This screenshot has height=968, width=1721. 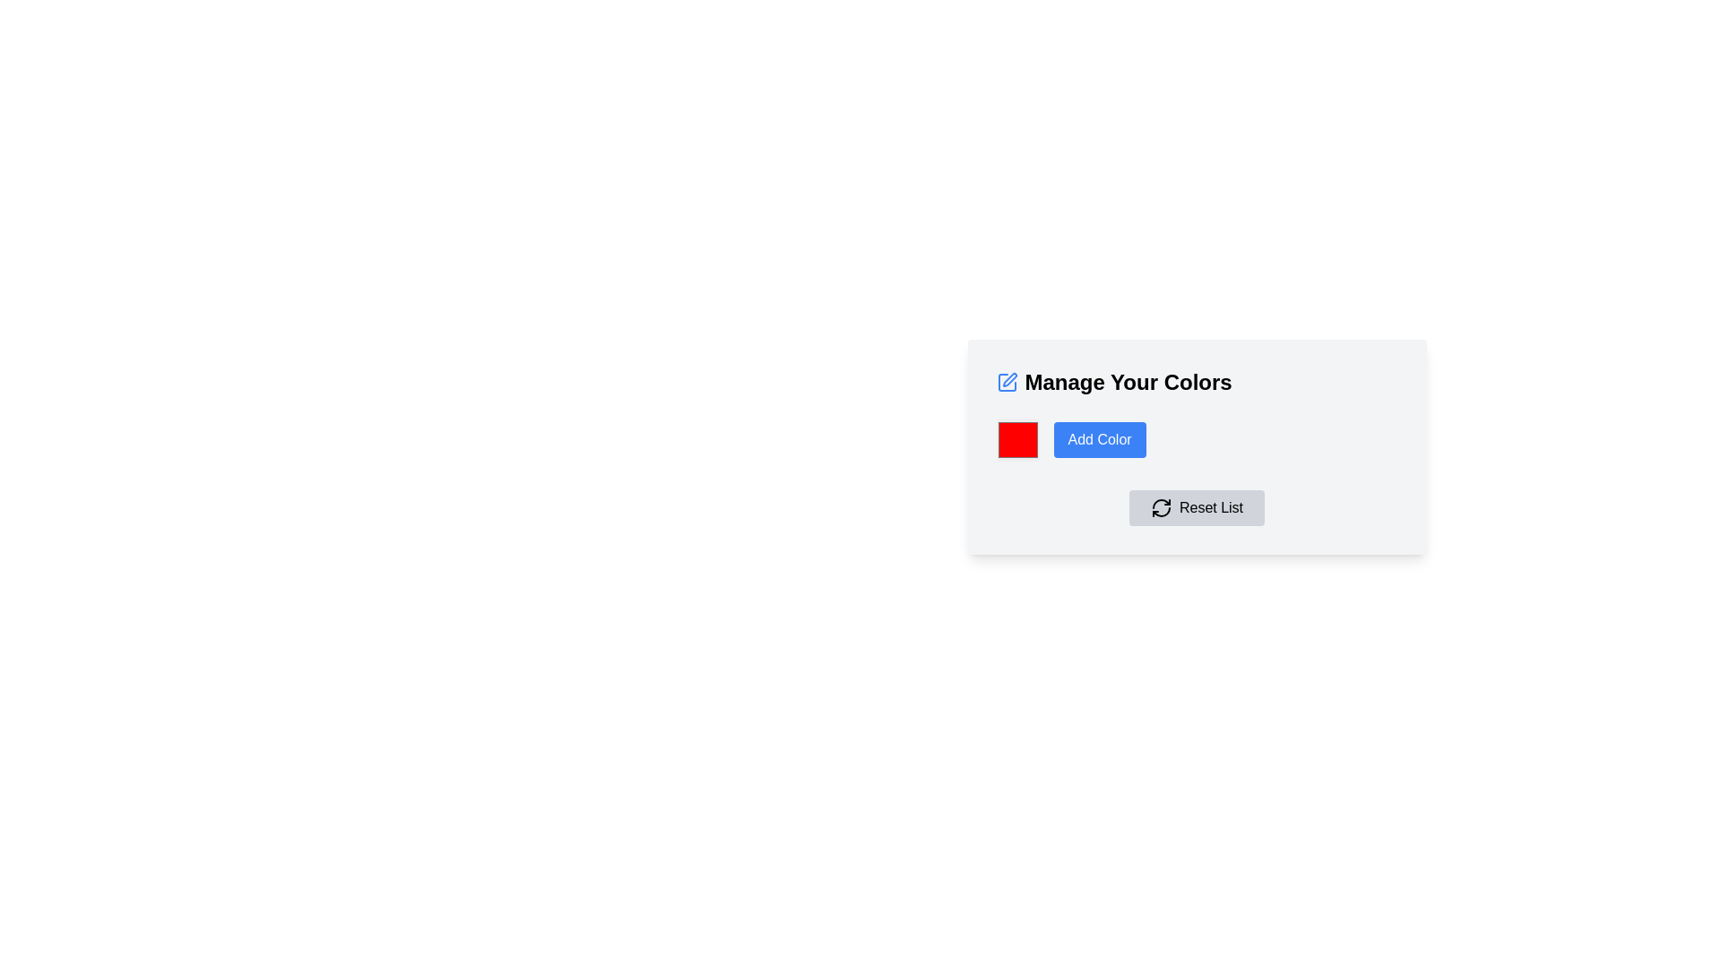 I want to click on the left section of the pen icon used for editing in the 'Manage Your Colors' modal dialog, so click(x=1007, y=382).